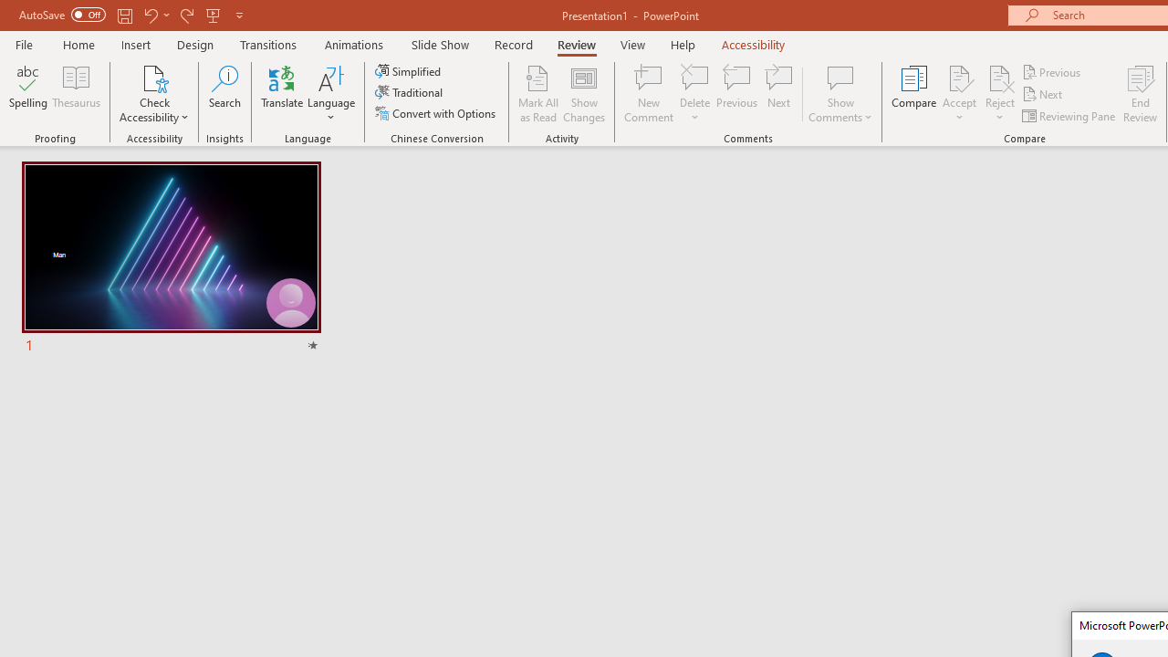 This screenshot has height=657, width=1168. I want to click on 'Simplified', so click(409, 70).